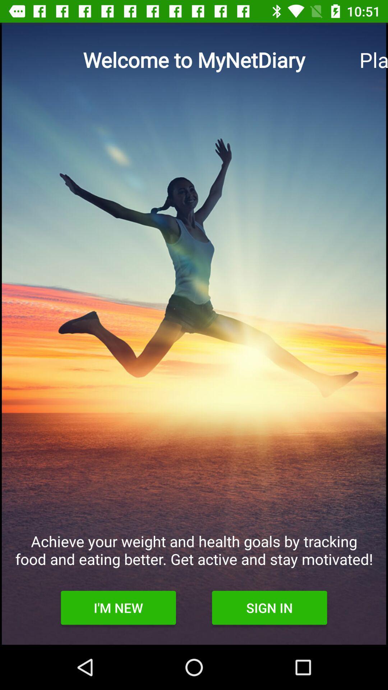  I want to click on the icon next to the i'm new item, so click(269, 607).